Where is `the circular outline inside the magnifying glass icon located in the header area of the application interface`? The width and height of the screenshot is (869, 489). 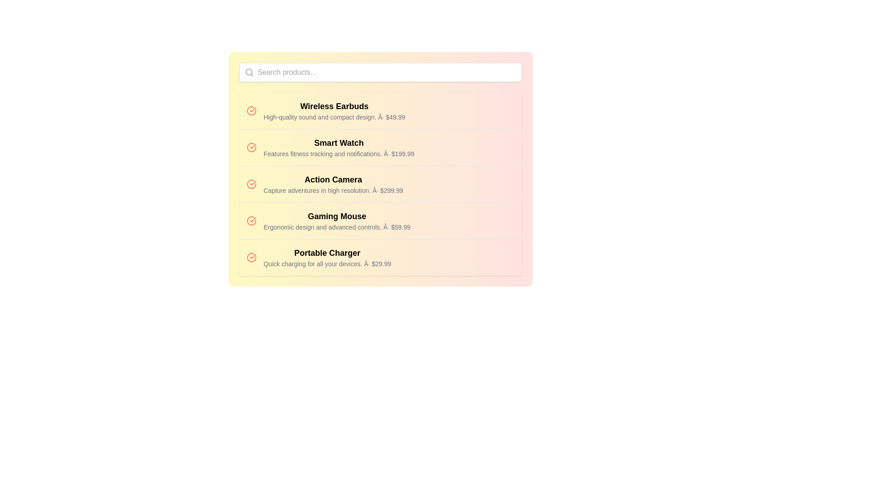 the circular outline inside the magnifying glass icon located in the header area of the application interface is located at coordinates (248, 72).